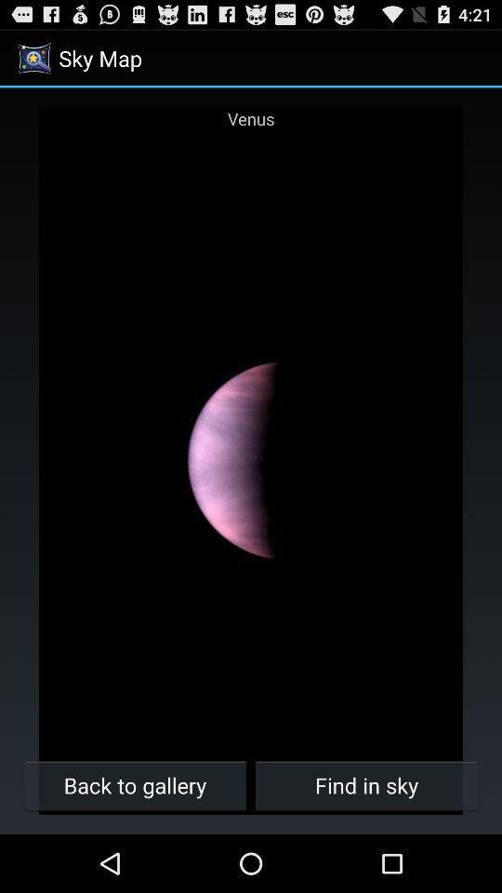 The image size is (502, 893). I want to click on the icon below venus item, so click(366, 784).